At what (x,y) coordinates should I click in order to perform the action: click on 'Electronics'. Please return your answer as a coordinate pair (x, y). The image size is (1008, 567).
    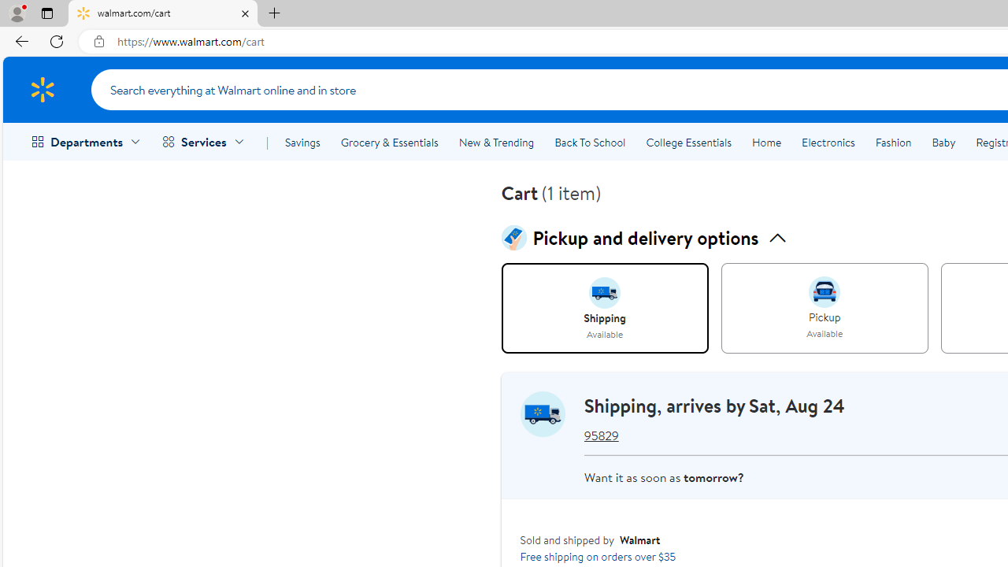
    Looking at the image, I should click on (827, 143).